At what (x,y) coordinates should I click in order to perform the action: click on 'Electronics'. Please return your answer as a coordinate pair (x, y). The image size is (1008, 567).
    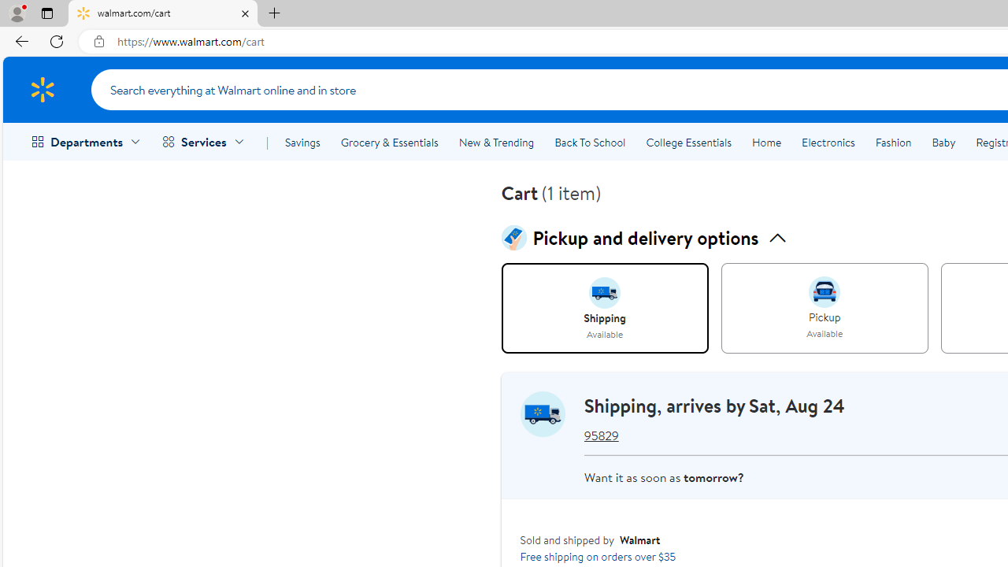
    Looking at the image, I should click on (827, 143).